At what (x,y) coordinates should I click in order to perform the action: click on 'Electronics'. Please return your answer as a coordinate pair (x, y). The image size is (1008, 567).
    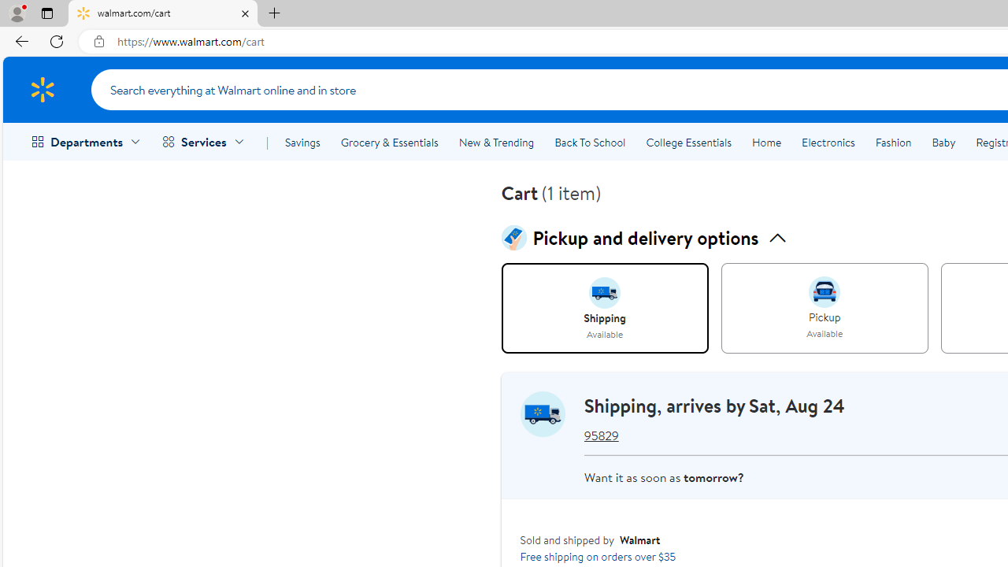
    Looking at the image, I should click on (827, 143).